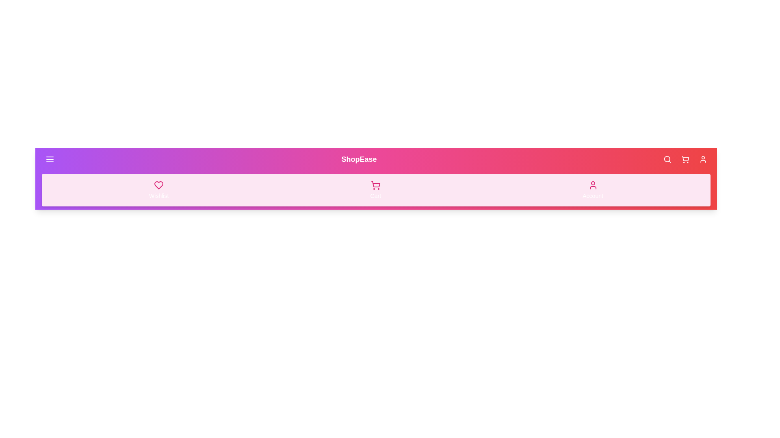 Image resolution: width=780 pixels, height=438 pixels. What do you see at coordinates (50, 159) in the screenshot?
I see `the menu button to toggle the menu visibility` at bounding box center [50, 159].